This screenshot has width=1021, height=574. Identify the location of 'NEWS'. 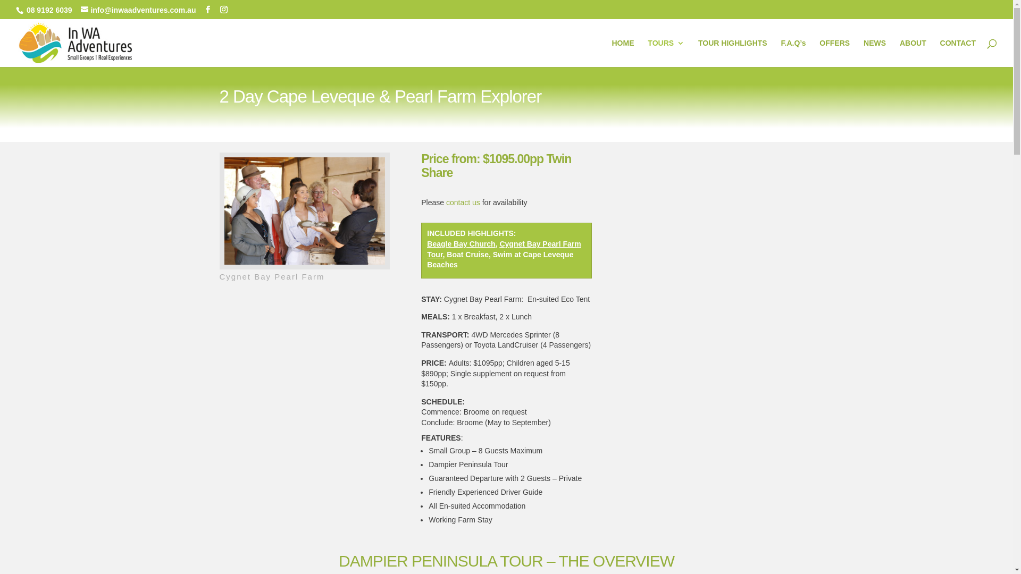
(875, 53).